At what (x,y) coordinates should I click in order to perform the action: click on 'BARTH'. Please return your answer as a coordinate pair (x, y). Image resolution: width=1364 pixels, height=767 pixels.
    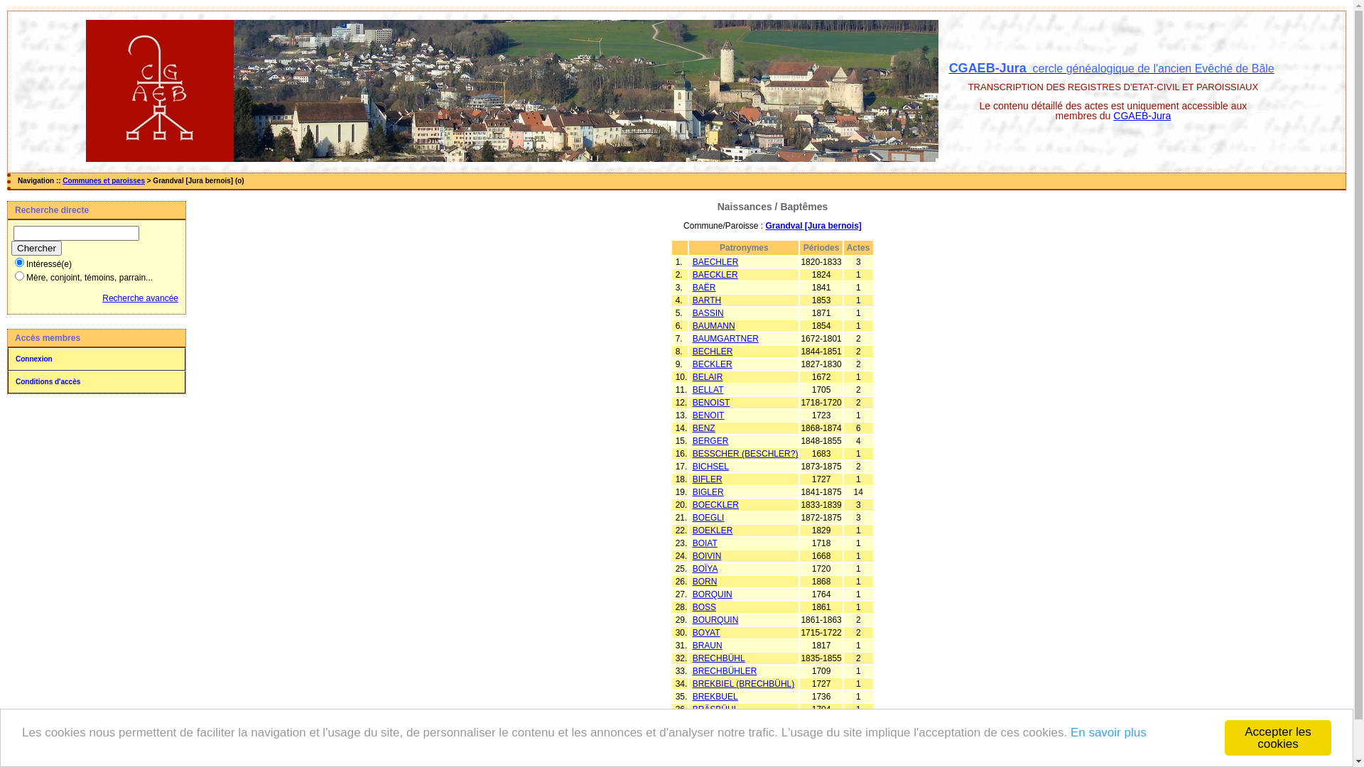
    Looking at the image, I should click on (706, 300).